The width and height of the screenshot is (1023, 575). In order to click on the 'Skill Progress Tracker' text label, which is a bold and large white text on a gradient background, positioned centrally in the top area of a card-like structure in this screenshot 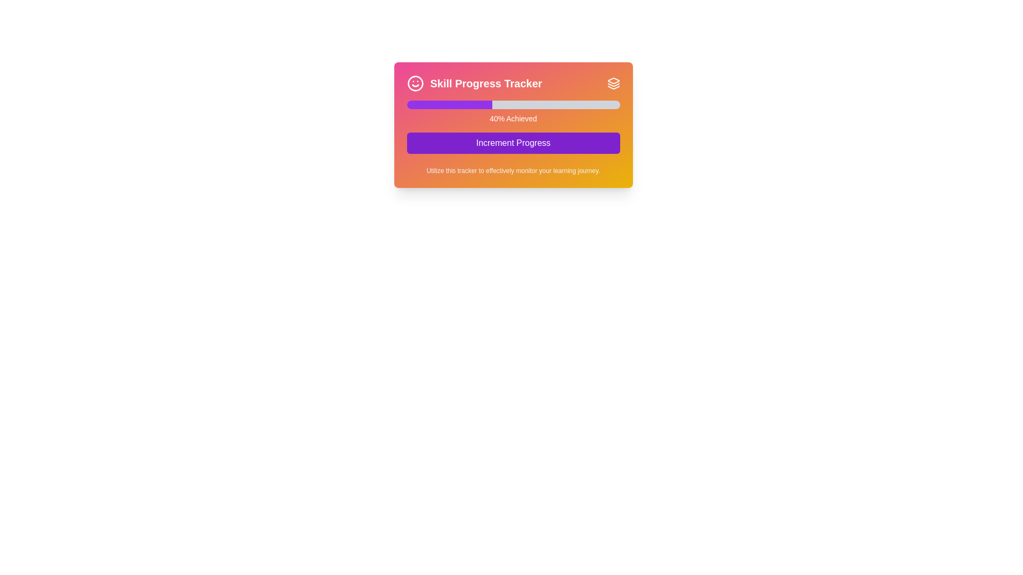, I will do `click(485, 83)`.